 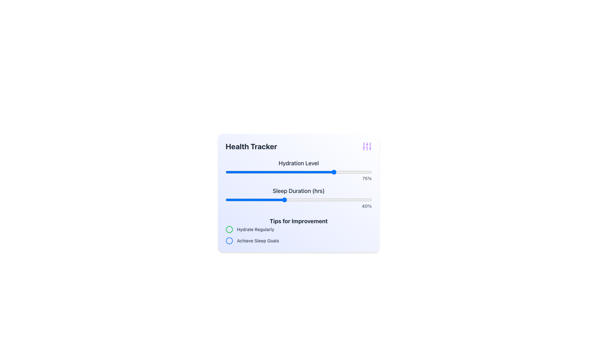 What do you see at coordinates (281, 200) in the screenshot?
I see `the sleep duration slider` at bounding box center [281, 200].